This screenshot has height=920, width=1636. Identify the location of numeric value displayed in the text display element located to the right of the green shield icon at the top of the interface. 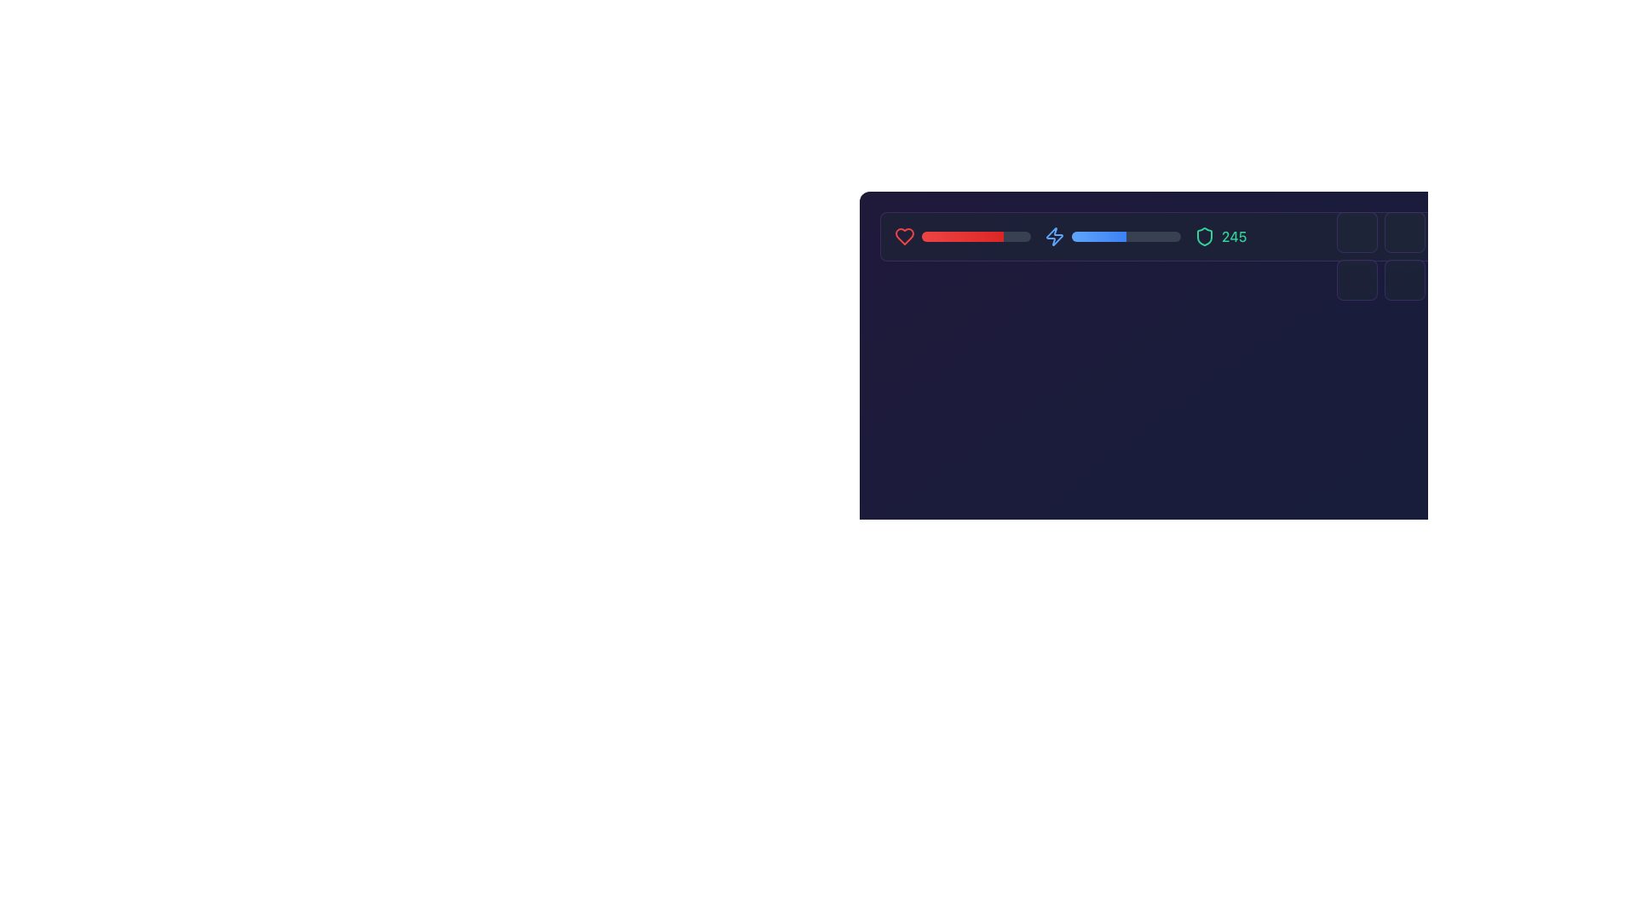
(1200, 236).